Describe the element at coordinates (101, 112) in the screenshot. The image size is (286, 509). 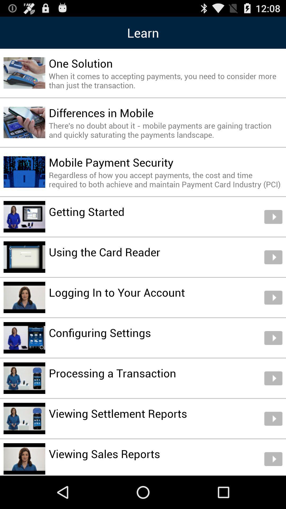
I see `differences in mobile item` at that location.